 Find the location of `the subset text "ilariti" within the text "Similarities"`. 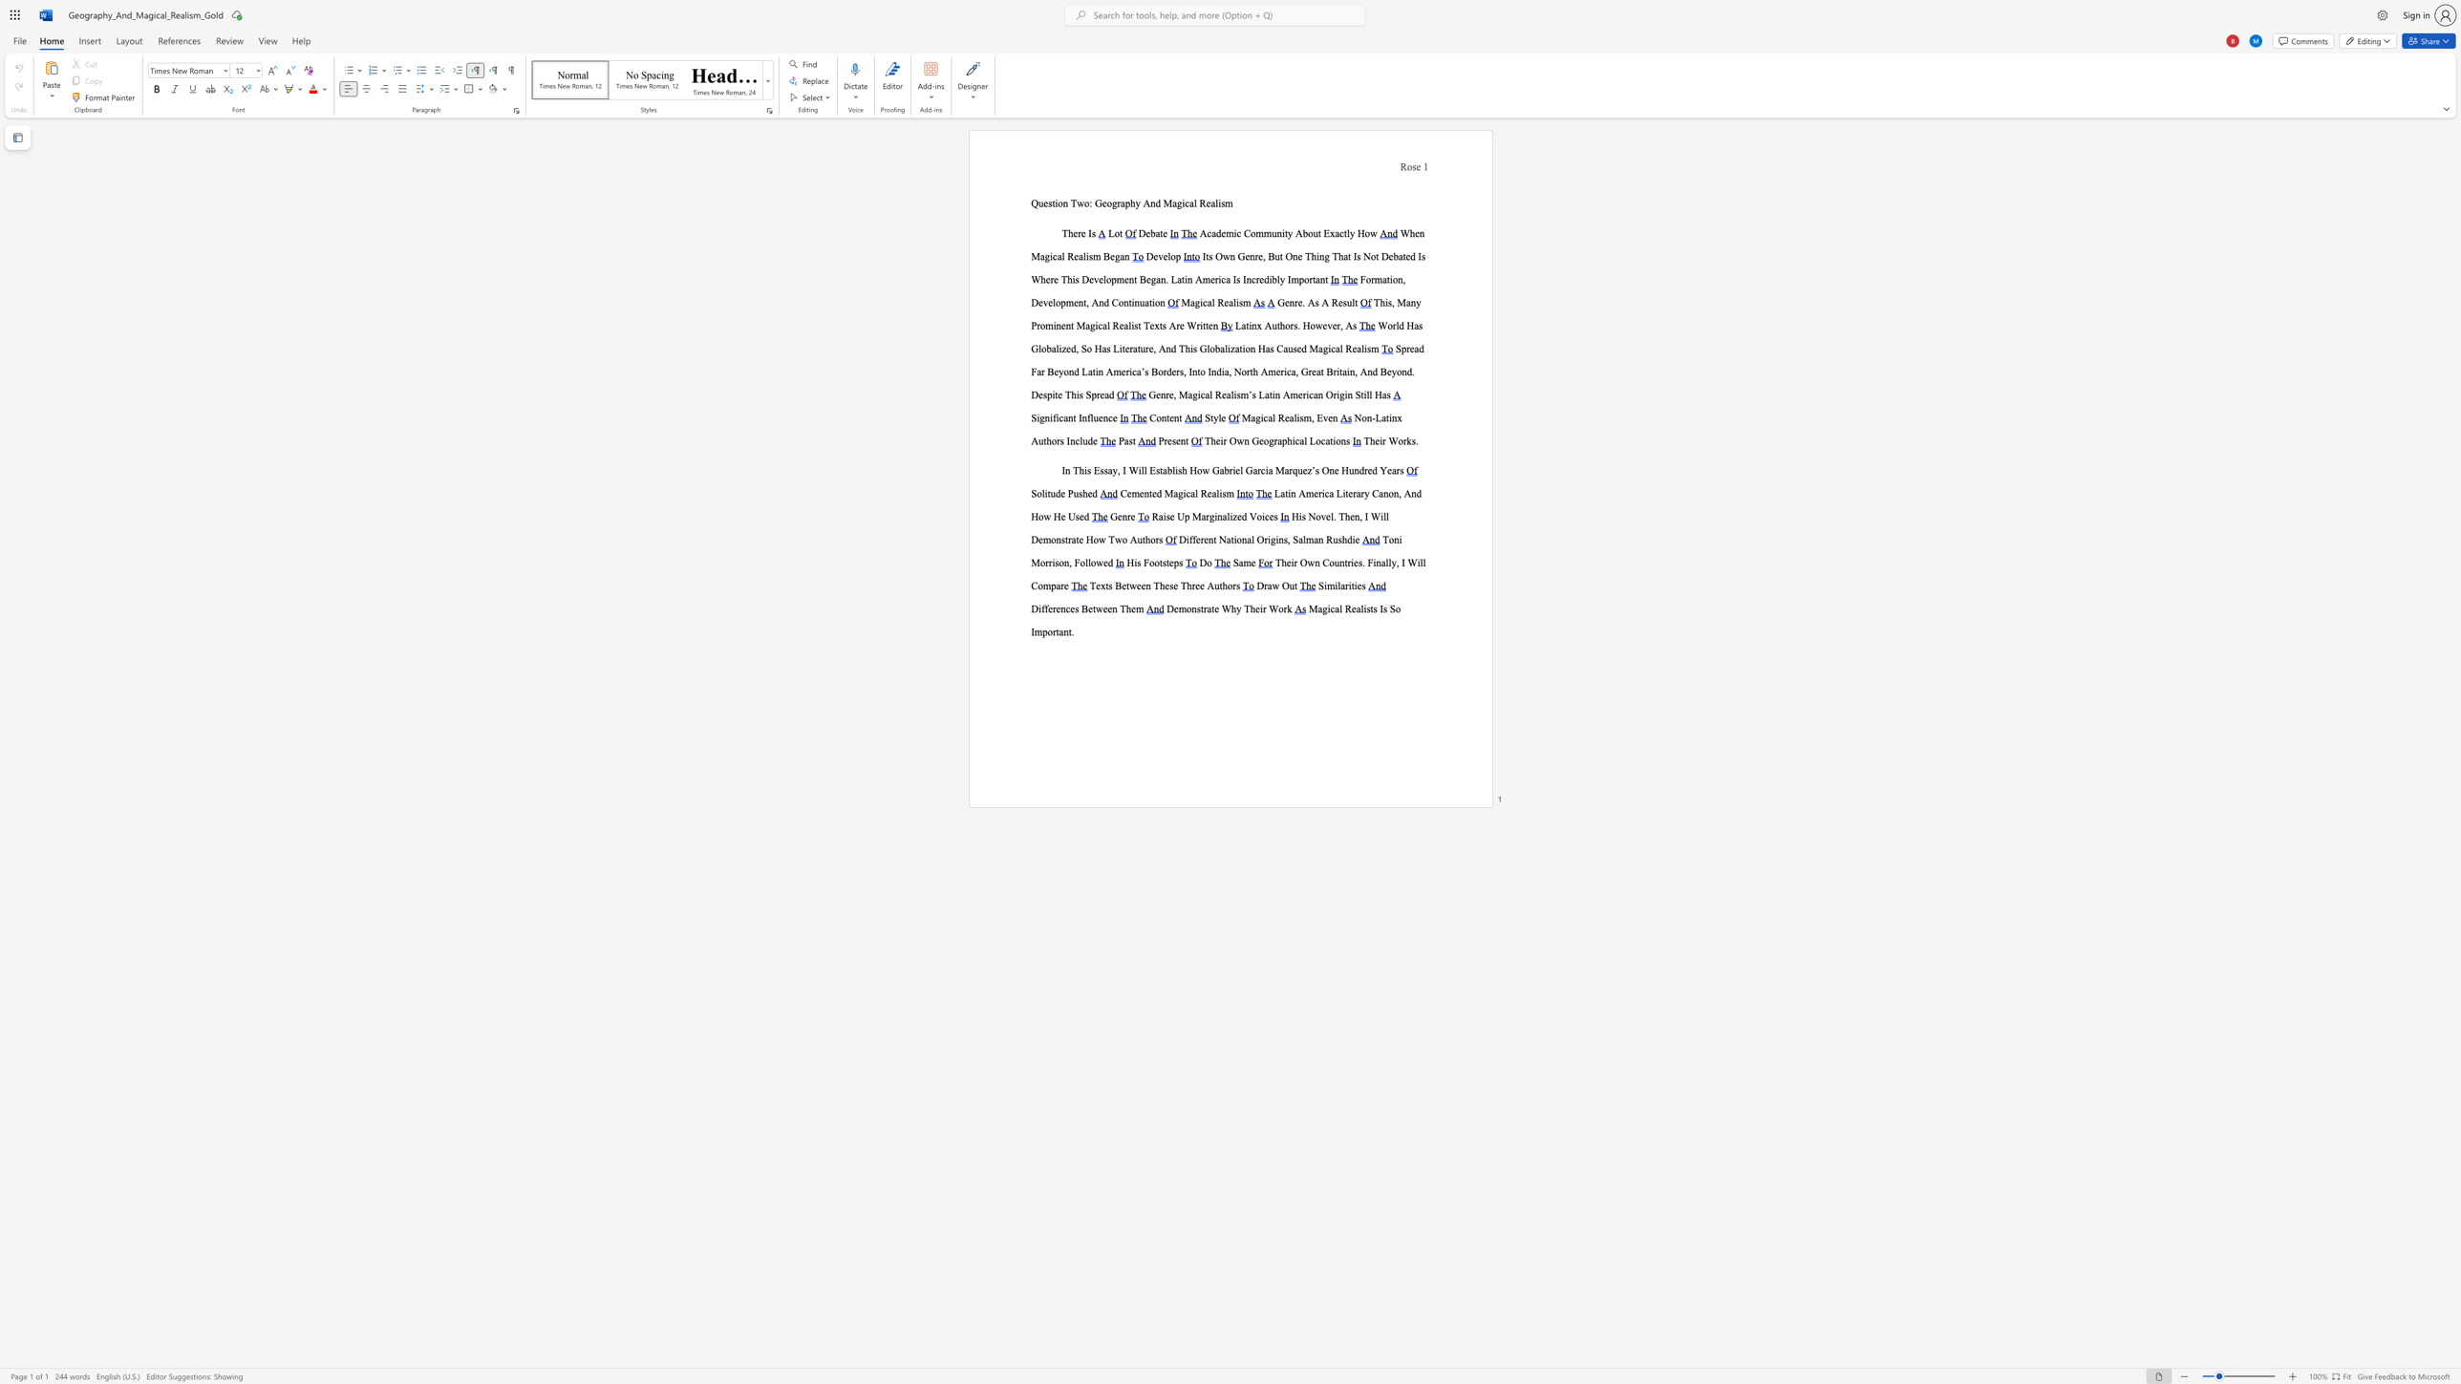

the subset text "ilariti" within the text "Similarities" is located at coordinates (1335, 586).